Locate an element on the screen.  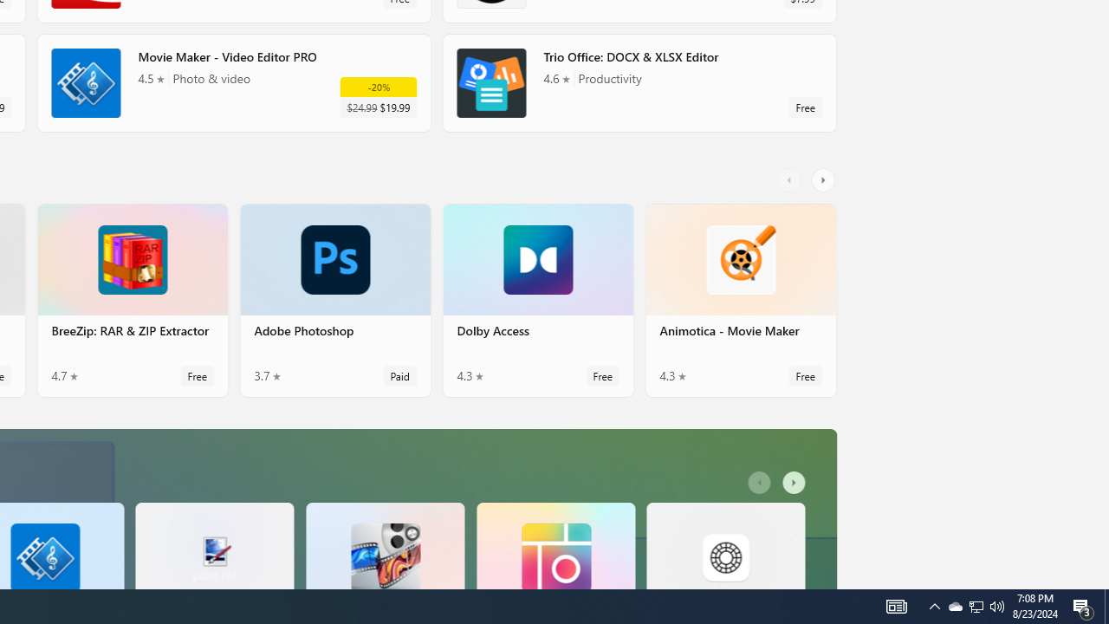
'AutomationID: RightScrollButton' is located at coordinates (795, 483).